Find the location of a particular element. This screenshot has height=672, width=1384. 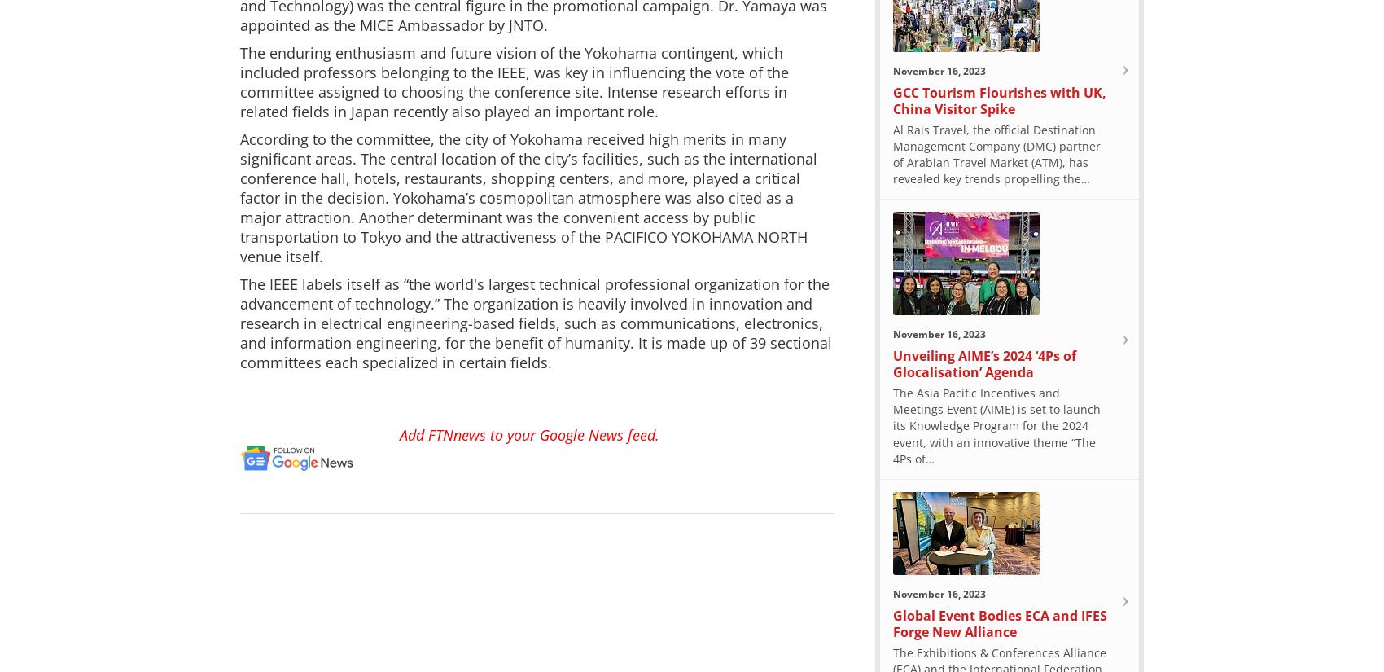

'Al Rais Travel, the official Destination Management Company (DMC) partner of Arabian Travel Market (ATM), has revealed key trends propelling the…' is located at coordinates (893, 153).